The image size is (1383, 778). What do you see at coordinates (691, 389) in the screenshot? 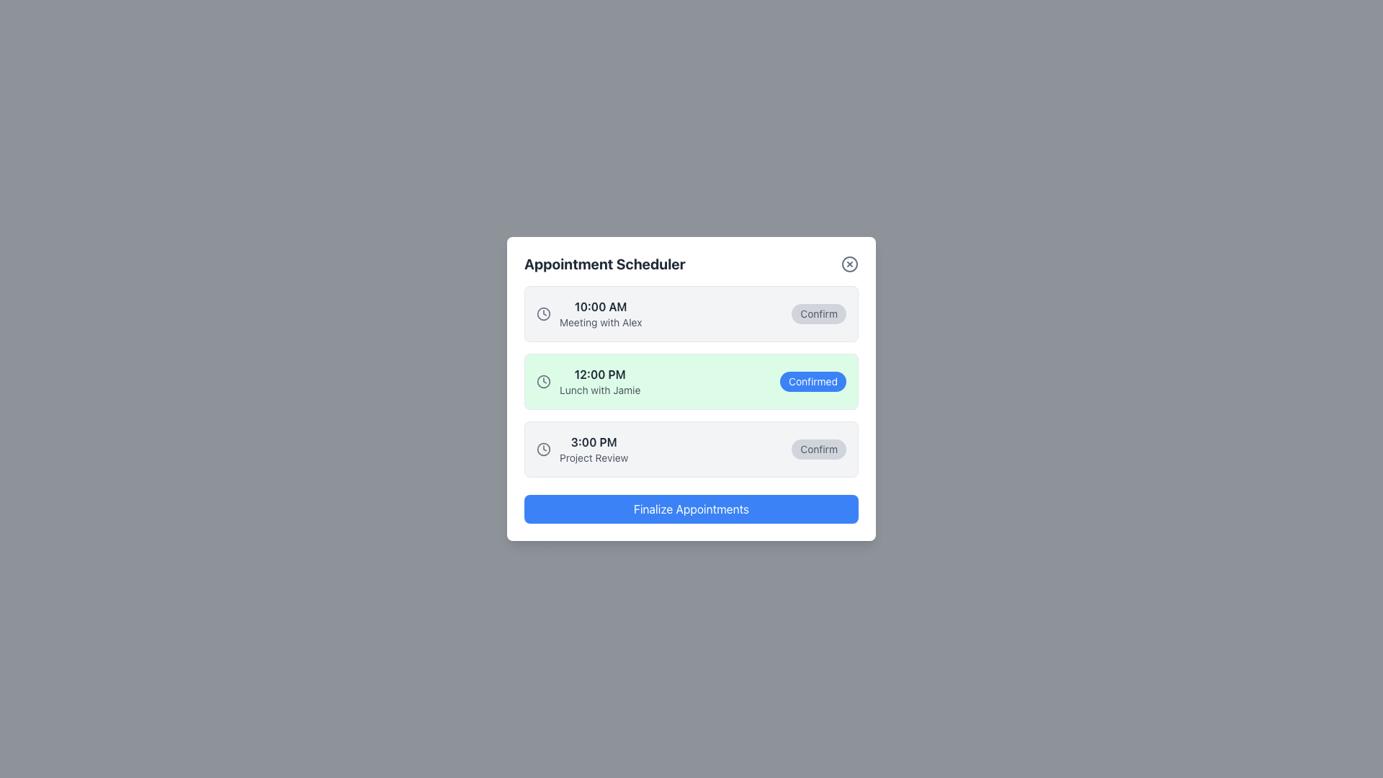
I see `the appointment card component displaying details for 'Lunch with Jamie' scheduled at 12:00 PM, which is the second item in the list of scheduled events in the 'Appointment Scheduler' modal` at bounding box center [691, 389].